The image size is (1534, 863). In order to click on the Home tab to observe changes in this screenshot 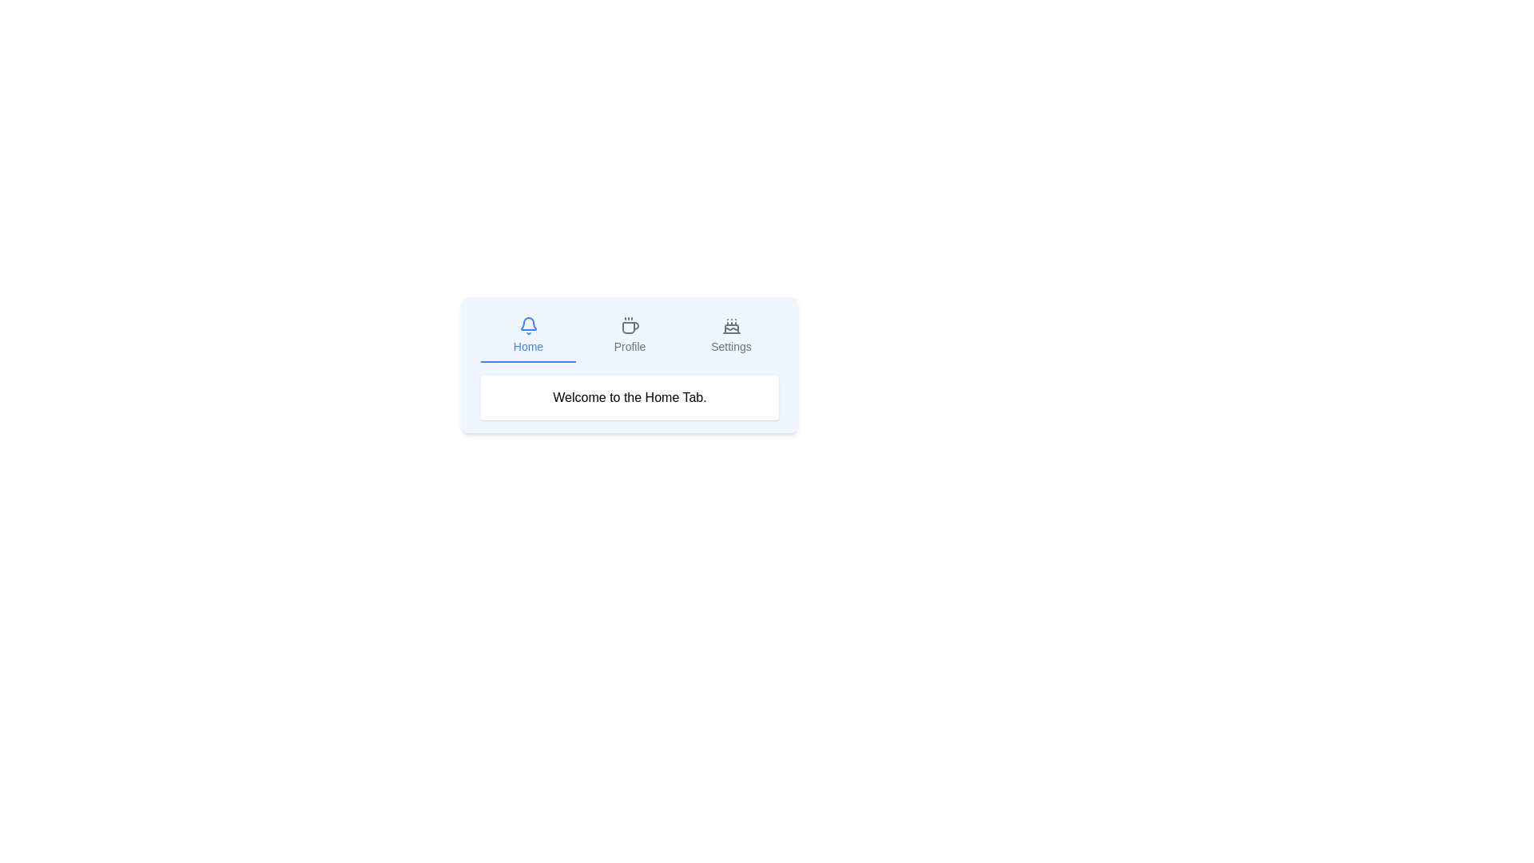, I will do `click(528, 335)`.